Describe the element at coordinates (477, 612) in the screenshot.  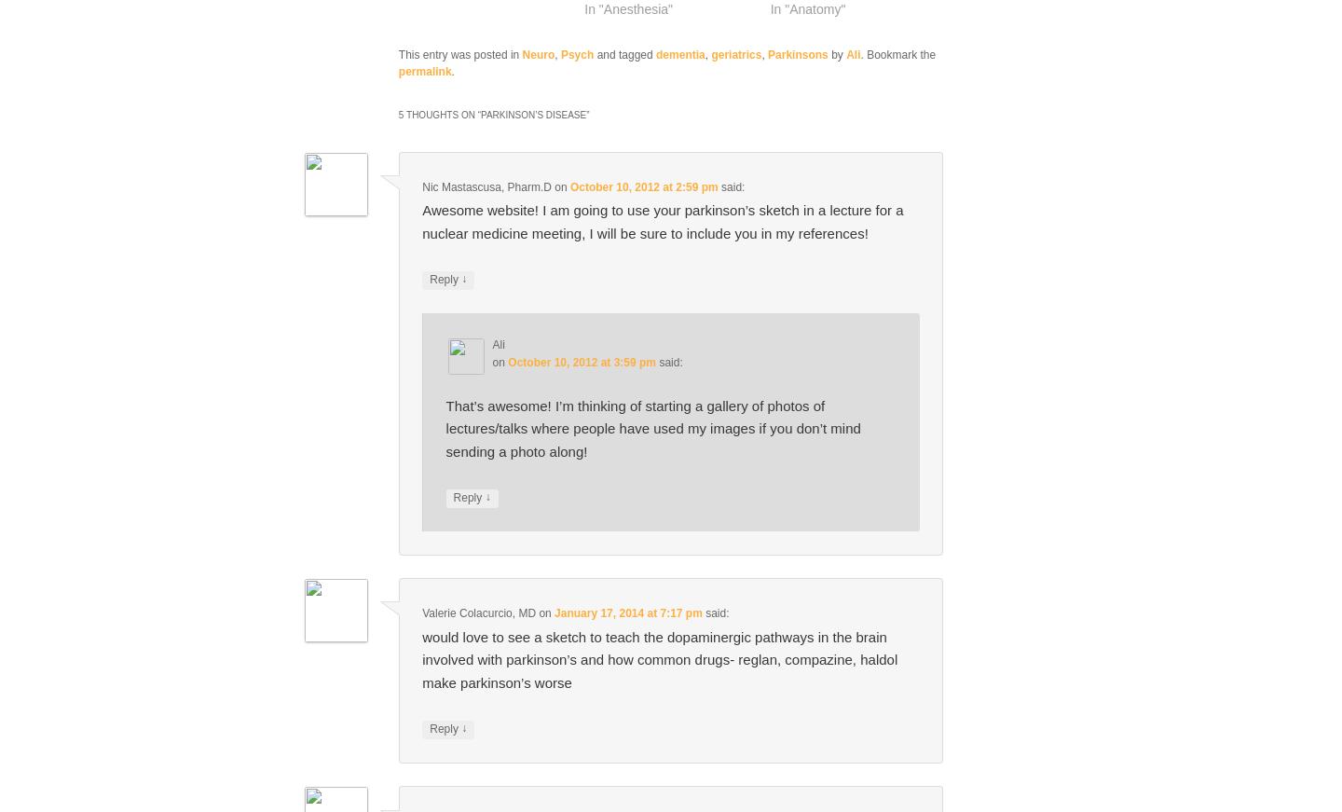
I see `'Valerie Colacurcio, MD'` at that location.